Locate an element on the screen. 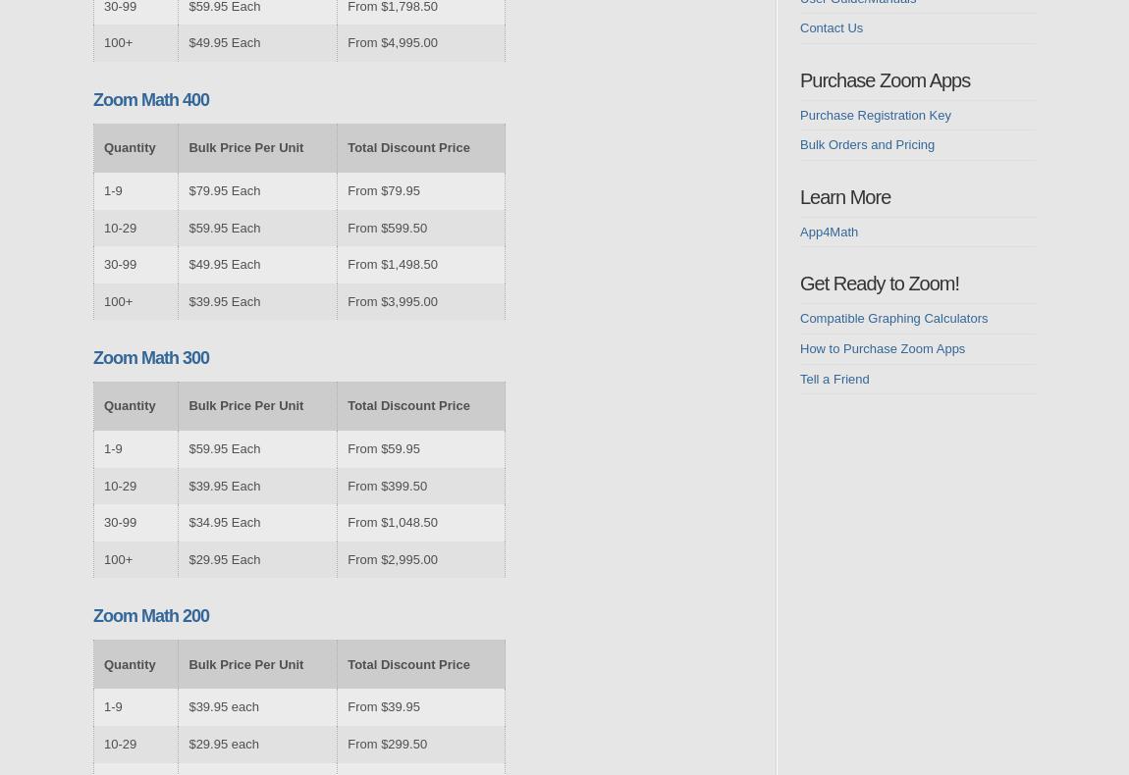  'From $1,048.50' is located at coordinates (347, 521).